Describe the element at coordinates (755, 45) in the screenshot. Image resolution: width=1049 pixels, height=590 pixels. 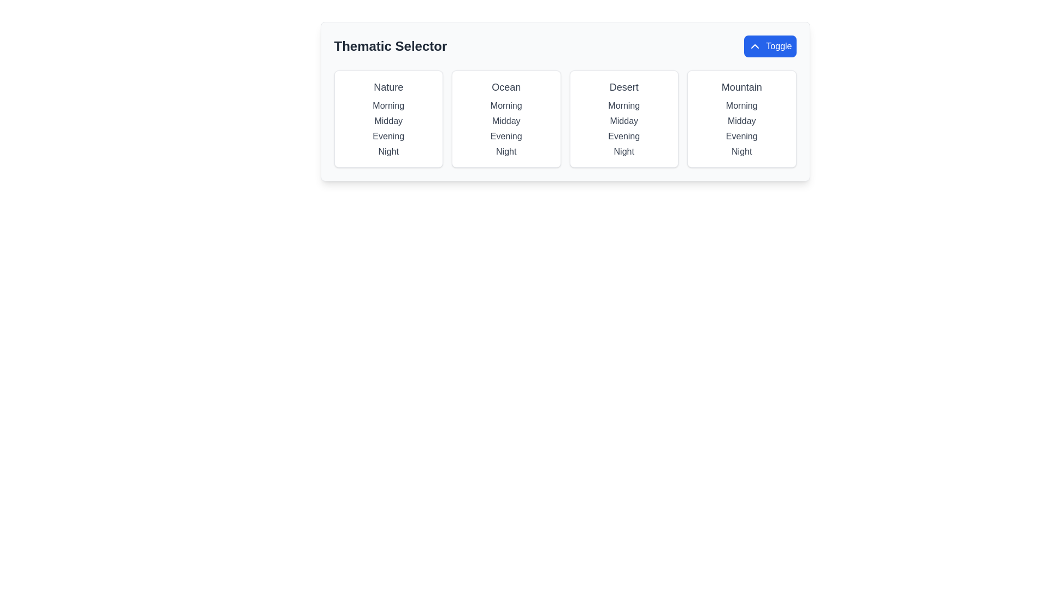
I see `the chevron icon inside the blue 'Toggle' button located in the top-right corner of the 'Thematic Selector' card` at that location.